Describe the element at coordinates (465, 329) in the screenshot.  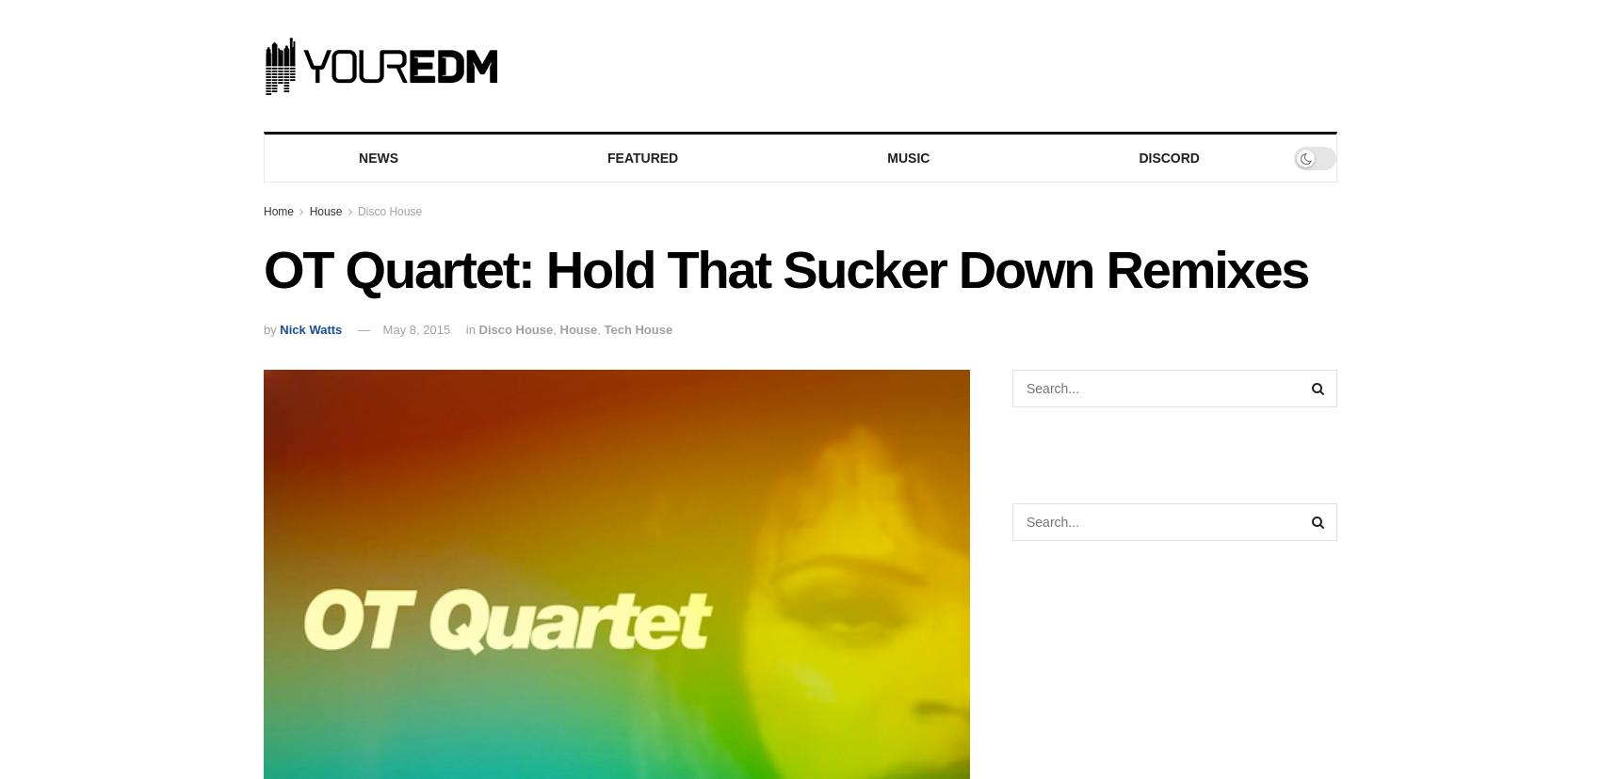
I see `'in'` at that location.